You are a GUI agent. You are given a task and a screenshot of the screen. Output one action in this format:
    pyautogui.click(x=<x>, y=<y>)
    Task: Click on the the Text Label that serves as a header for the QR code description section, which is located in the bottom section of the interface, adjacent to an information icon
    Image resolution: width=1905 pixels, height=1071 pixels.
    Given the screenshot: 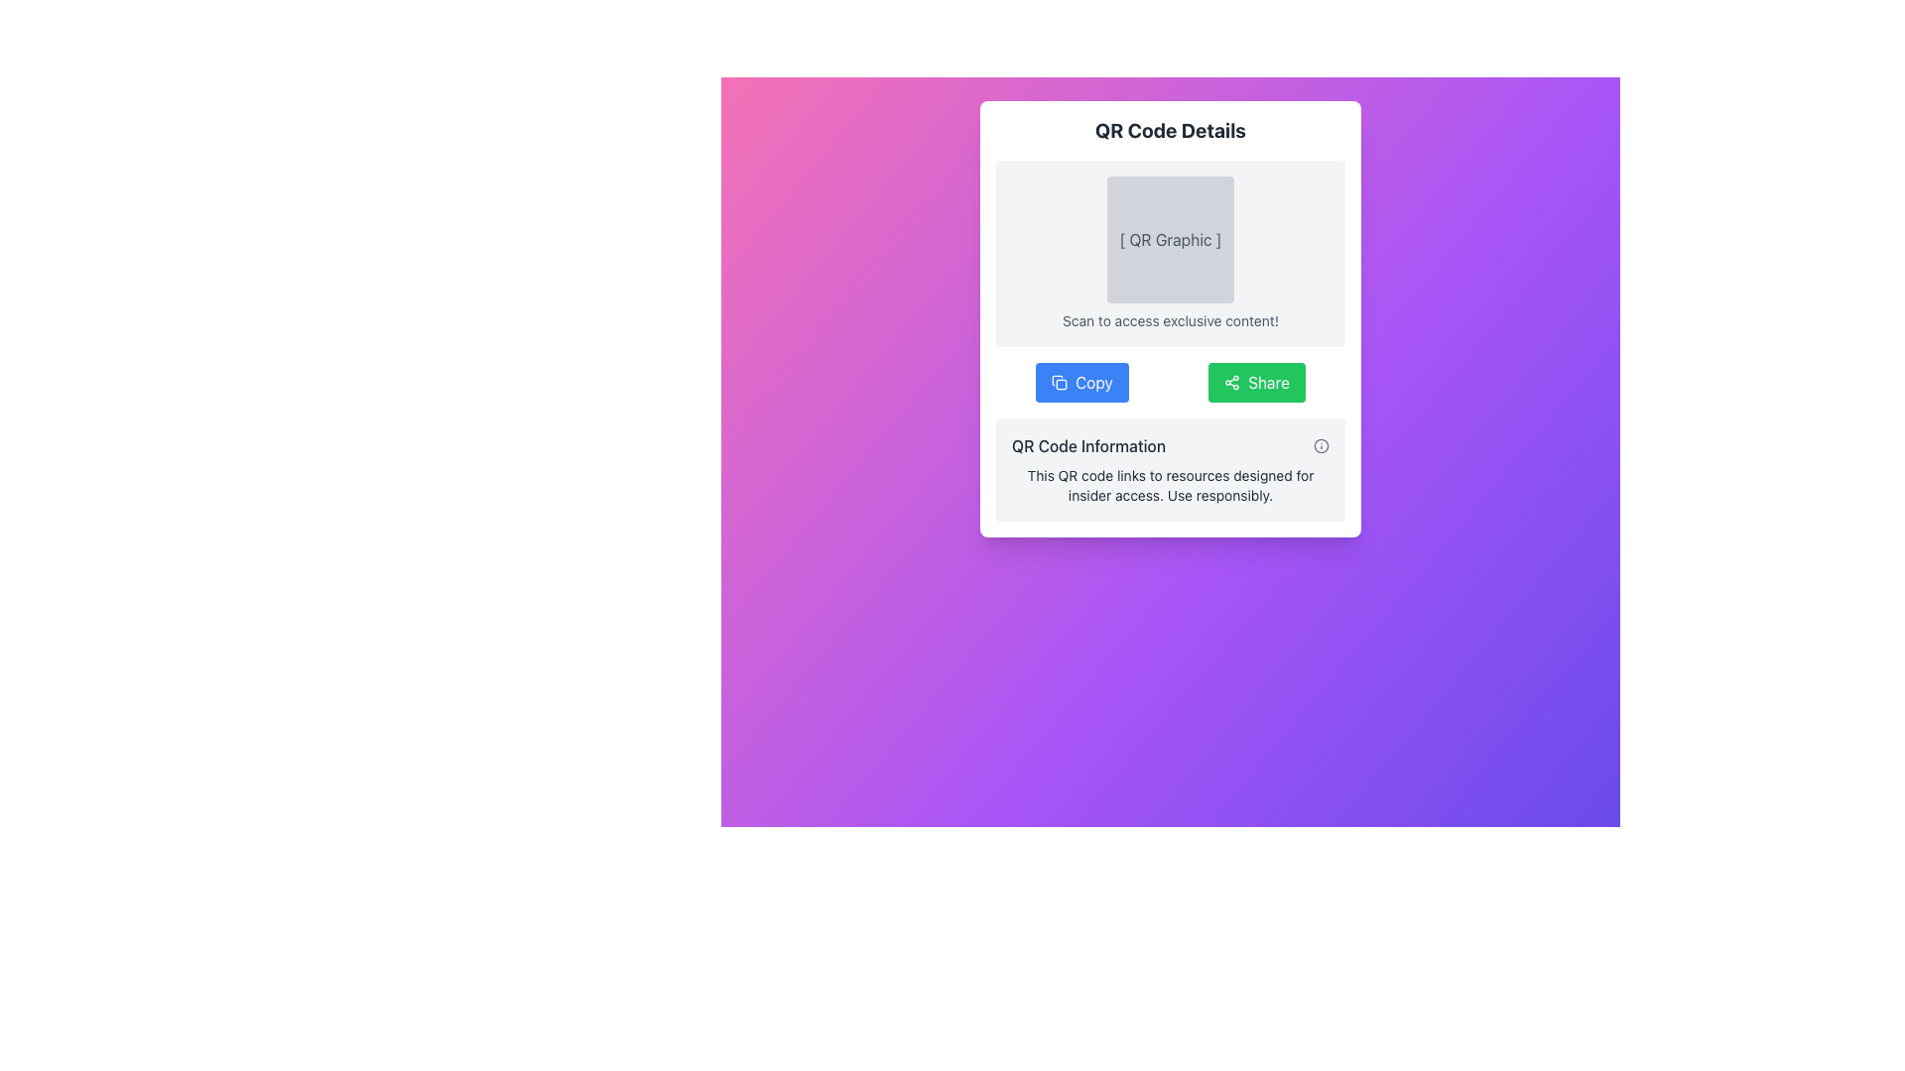 What is the action you would take?
    pyautogui.click(x=1087, y=446)
    